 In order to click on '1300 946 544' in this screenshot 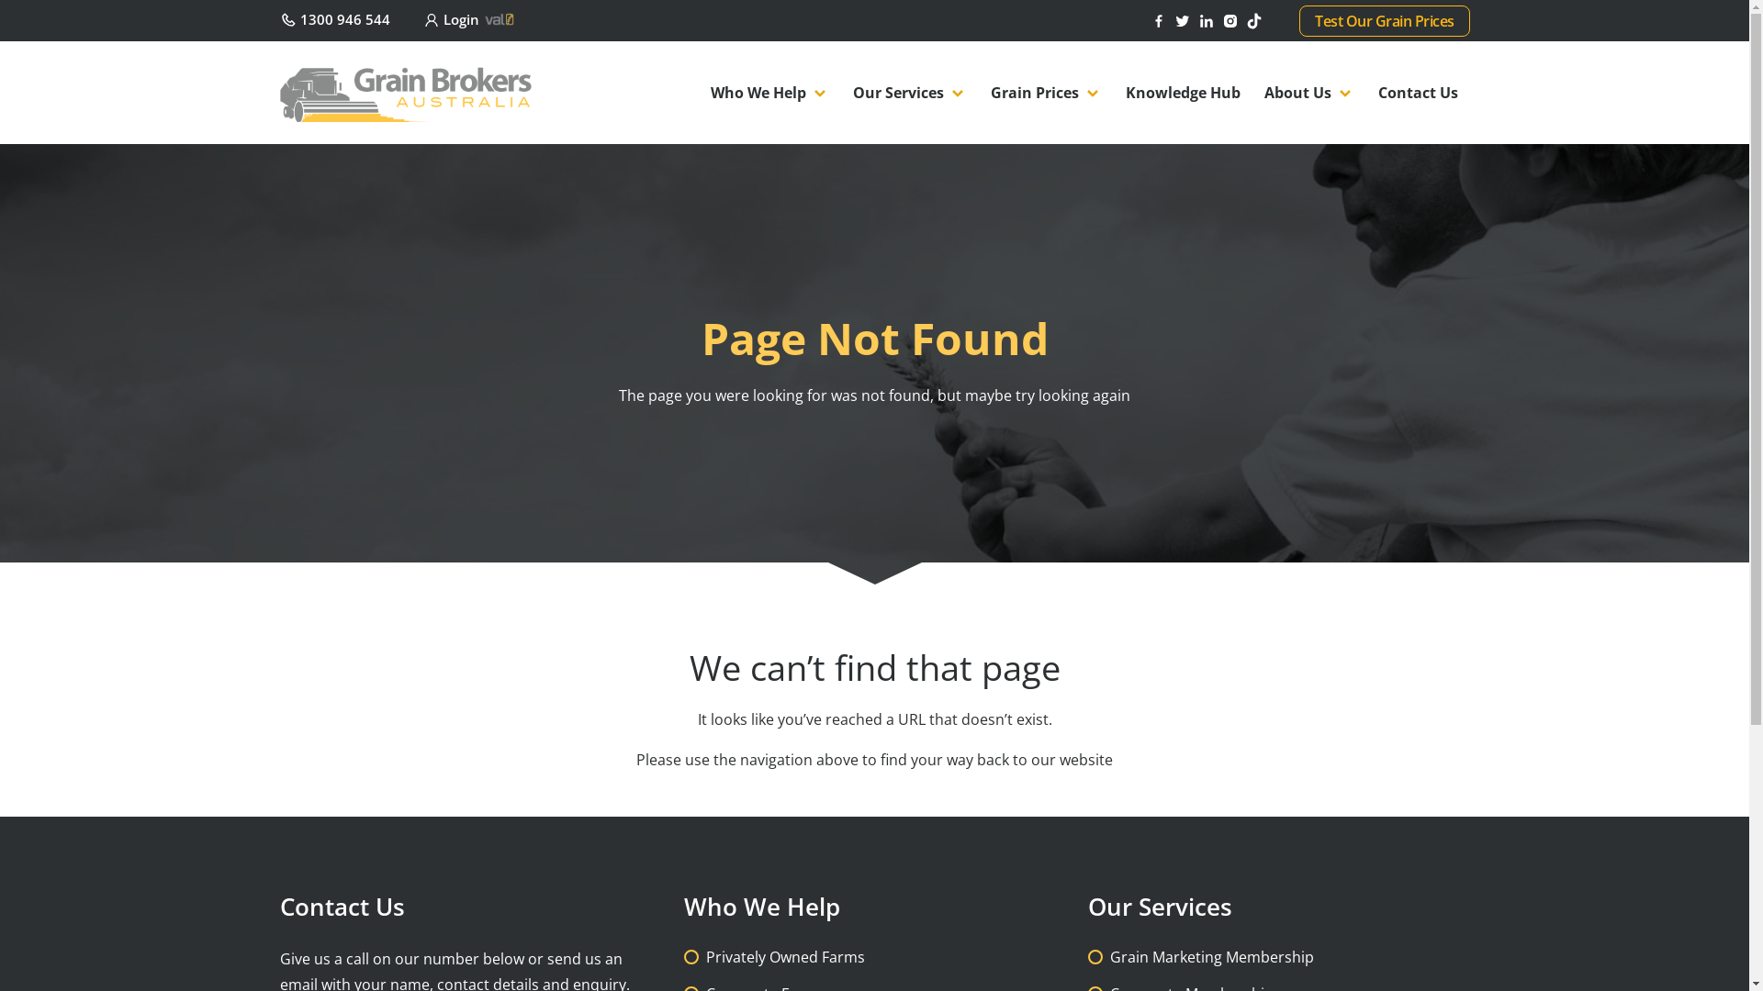, I will do `click(334, 18)`.